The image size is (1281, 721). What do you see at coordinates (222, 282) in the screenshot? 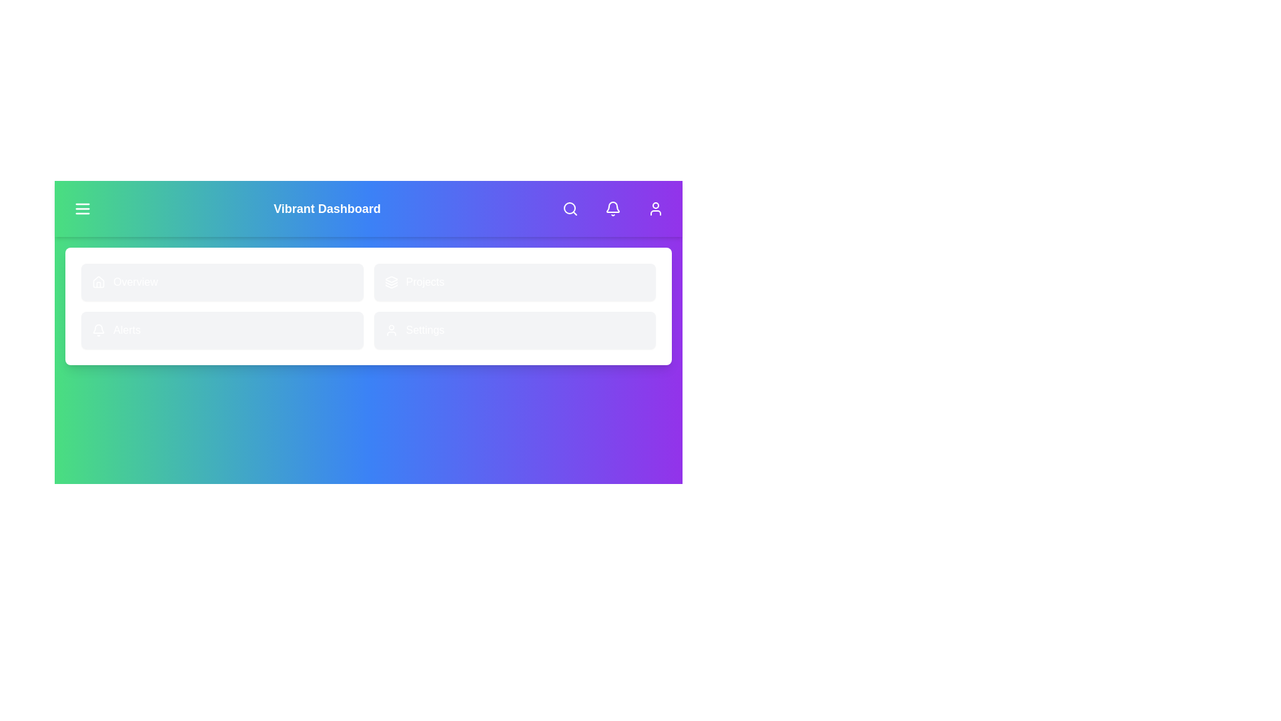
I see `the 'Overview' navigation item located in the navigation menu` at bounding box center [222, 282].